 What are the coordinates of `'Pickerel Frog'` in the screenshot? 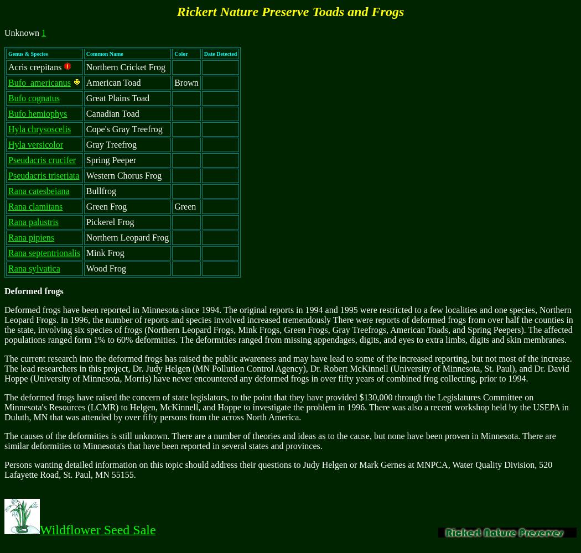 It's located at (109, 222).